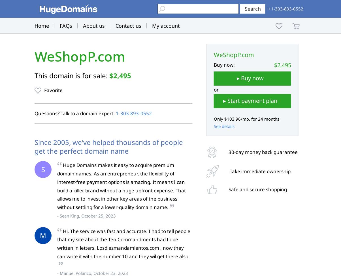  I want to click on '1‑303‑893‑0552', so click(133, 113).